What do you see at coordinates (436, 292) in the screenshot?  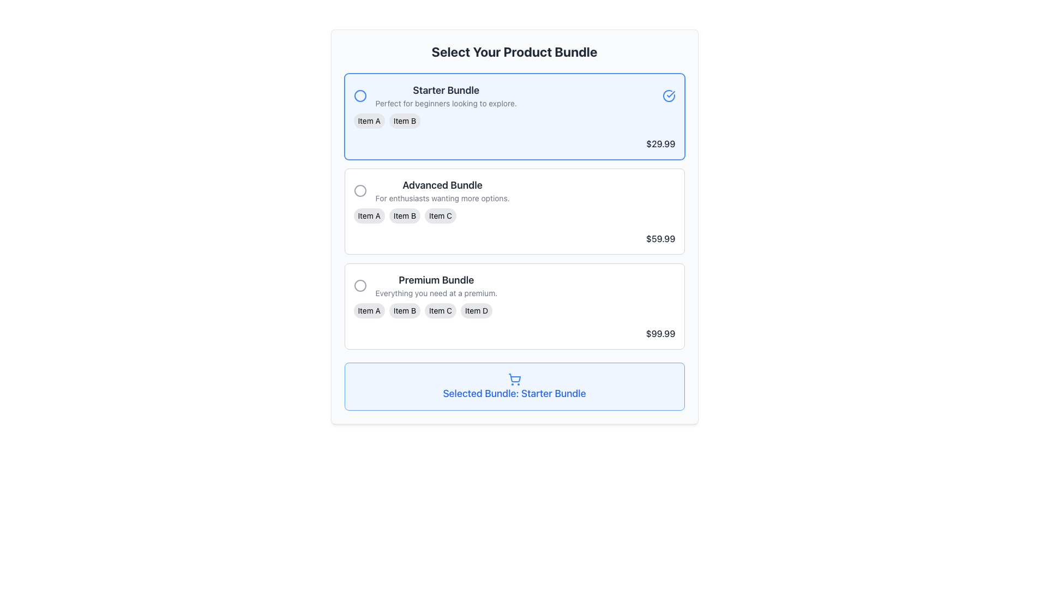 I see `the gray text label that reads 'Everything you need at a premium.' located below the bold title 'Premium Bundle'` at bounding box center [436, 292].